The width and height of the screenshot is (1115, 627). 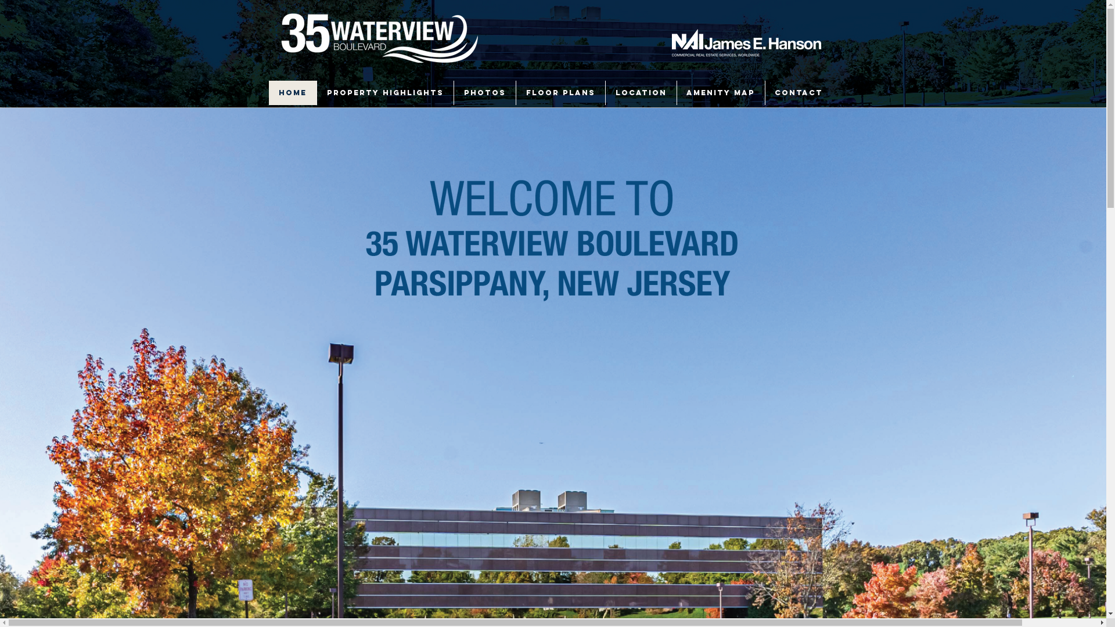 What do you see at coordinates (292, 92) in the screenshot?
I see `'HOME'` at bounding box center [292, 92].